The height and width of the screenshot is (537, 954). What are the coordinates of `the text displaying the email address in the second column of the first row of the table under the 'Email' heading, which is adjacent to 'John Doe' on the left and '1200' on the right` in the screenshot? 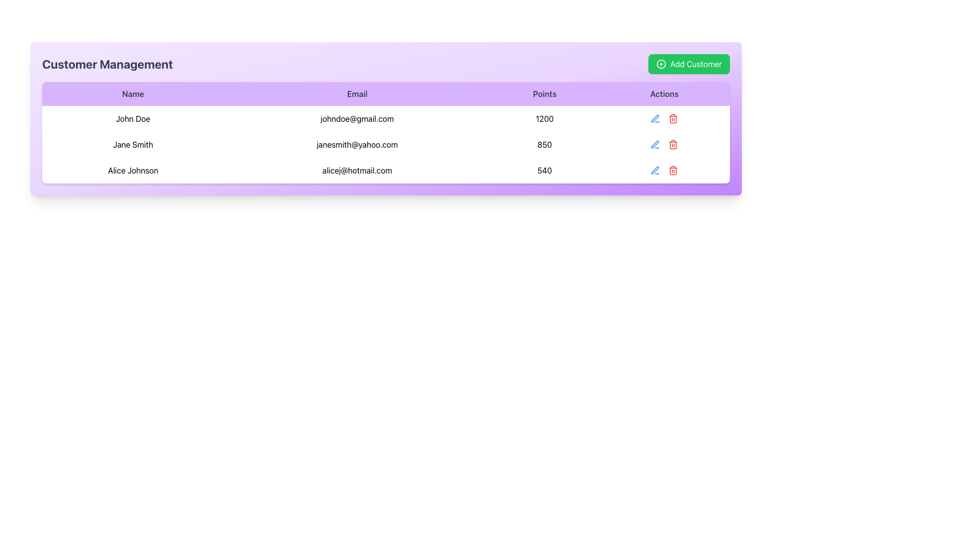 It's located at (357, 118).